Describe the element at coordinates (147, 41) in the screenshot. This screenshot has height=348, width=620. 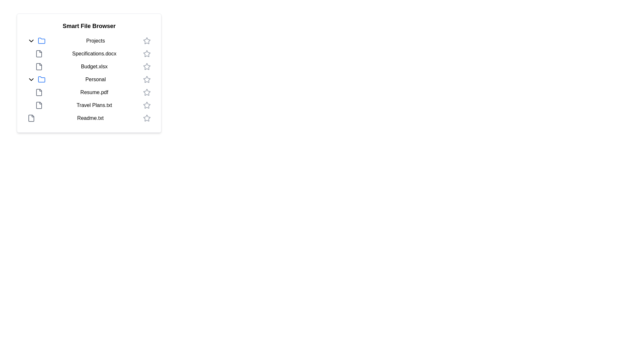
I see `the star icon located at the right end of the 'Projects' row in the file browser` at that location.